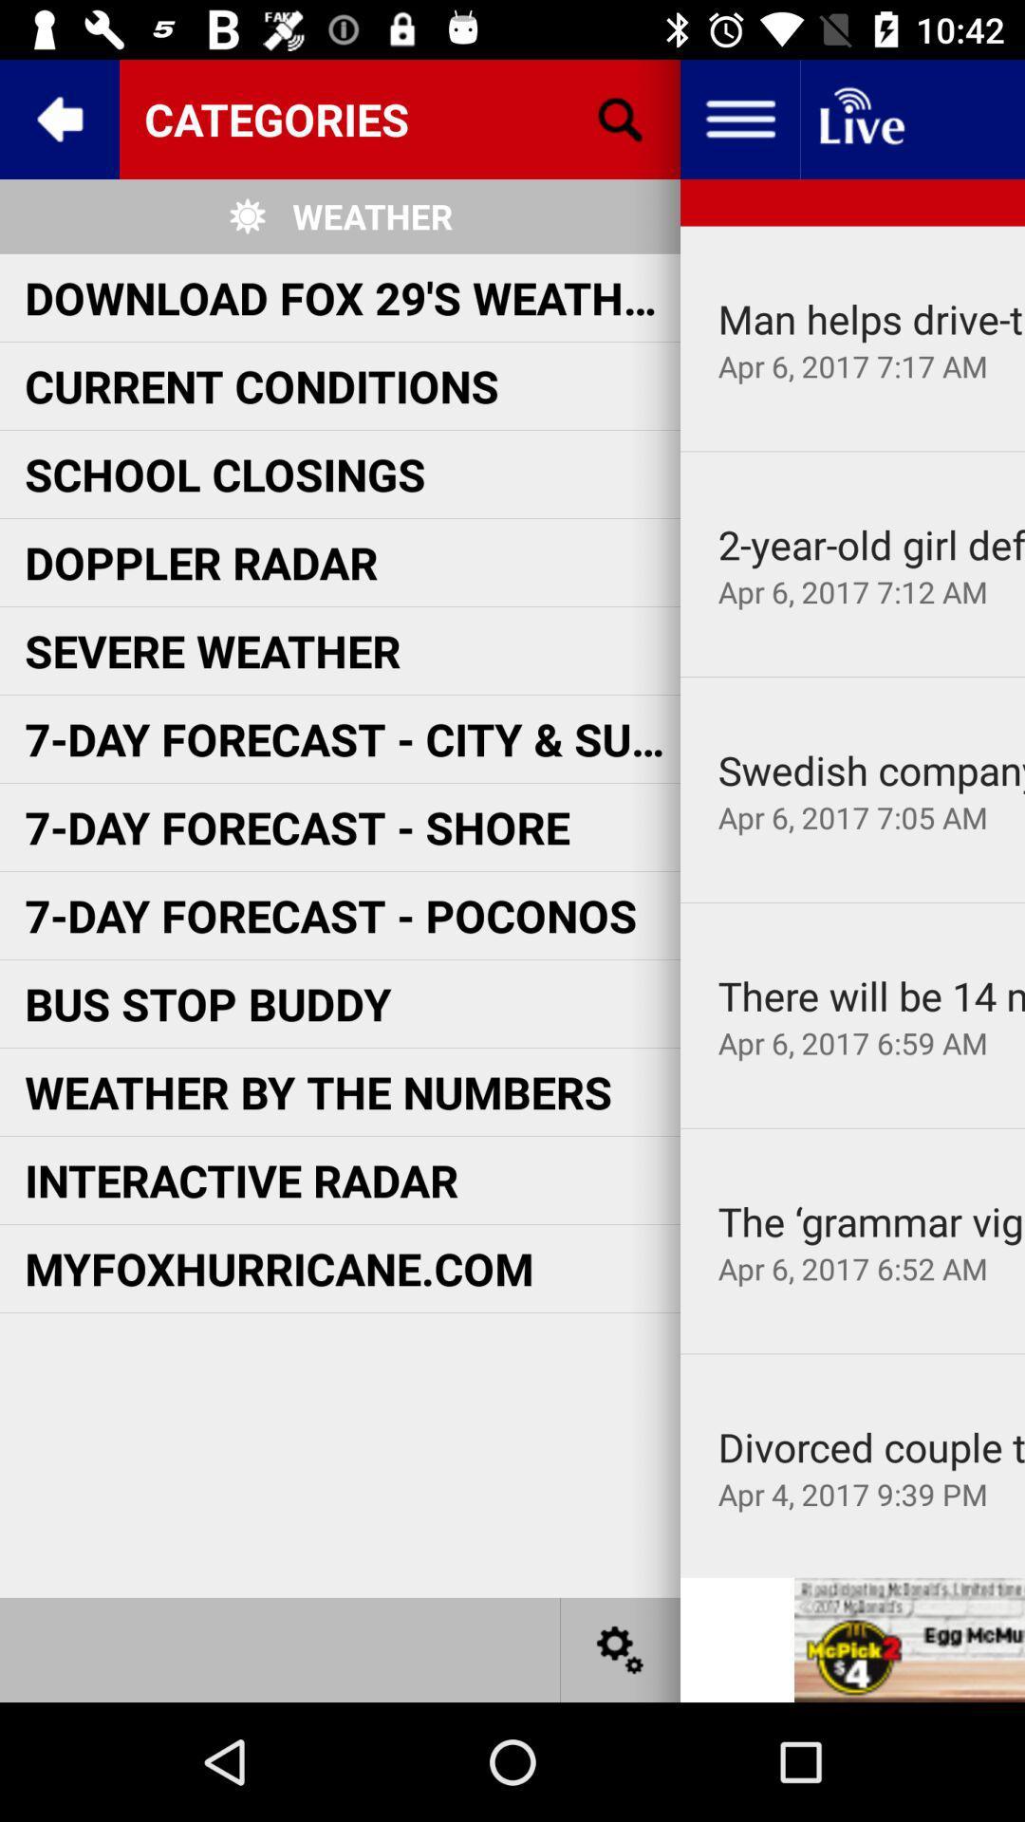 The image size is (1025, 1822). I want to click on more options, so click(738, 118).